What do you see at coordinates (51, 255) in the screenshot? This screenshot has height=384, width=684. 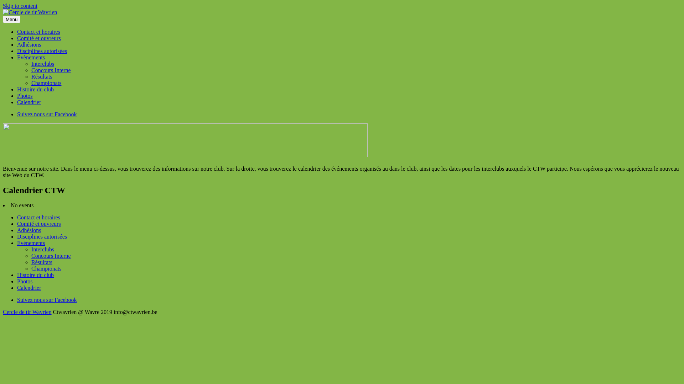 I see `'Concours Interne'` at bounding box center [51, 255].